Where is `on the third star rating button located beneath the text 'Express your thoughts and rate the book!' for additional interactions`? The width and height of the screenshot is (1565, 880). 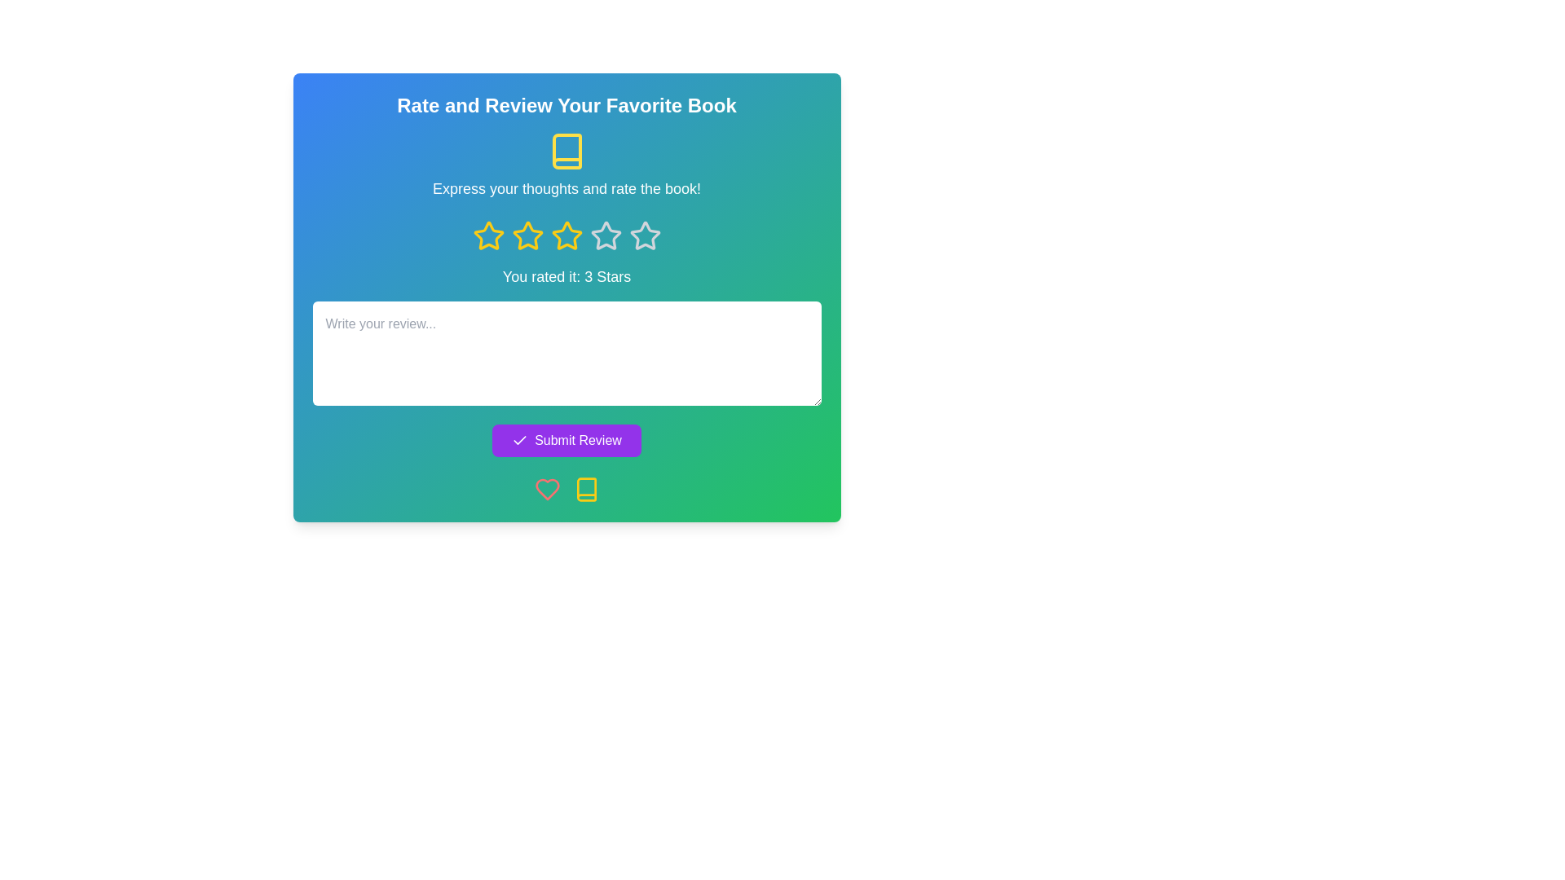 on the third star rating button located beneath the text 'Express your thoughts and rate the book!' for additional interactions is located at coordinates (566, 235).